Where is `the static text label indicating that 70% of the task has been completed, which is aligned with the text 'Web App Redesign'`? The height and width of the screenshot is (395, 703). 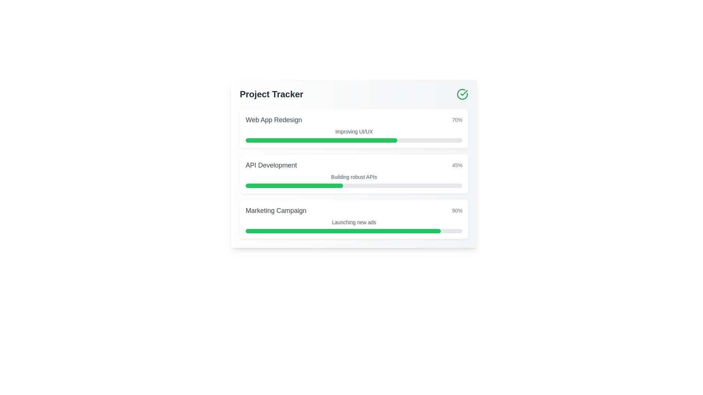
the static text label indicating that 70% of the task has been completed, which is aligned with the text 'Web App Redesign' is located at coordinates (457, 119).